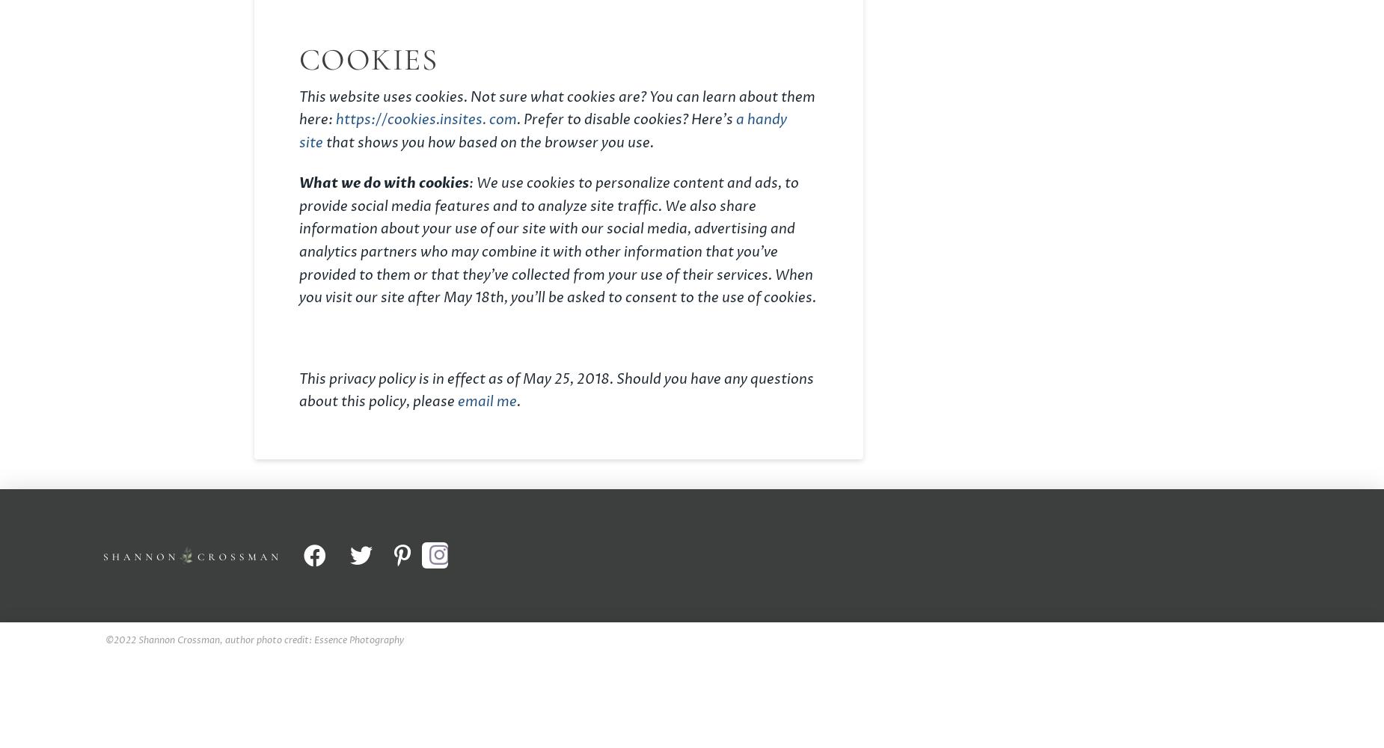 The image size is (1384, 748). I want to click on 'This privacy policy is in effect as of May 25, 2018. Should you have any questions about this policy, please', so click(557, 390).